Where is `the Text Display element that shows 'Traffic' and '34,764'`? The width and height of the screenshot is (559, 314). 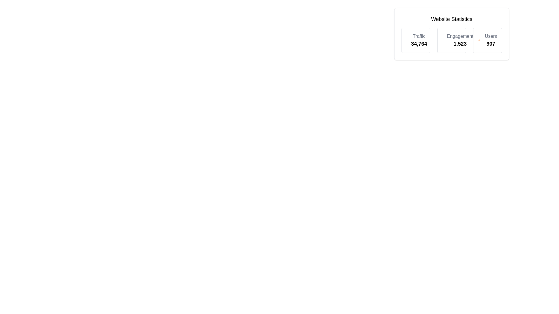 the Text Display element that shows 'Traffic' and '34,764' is located at coordinates (419, 40).